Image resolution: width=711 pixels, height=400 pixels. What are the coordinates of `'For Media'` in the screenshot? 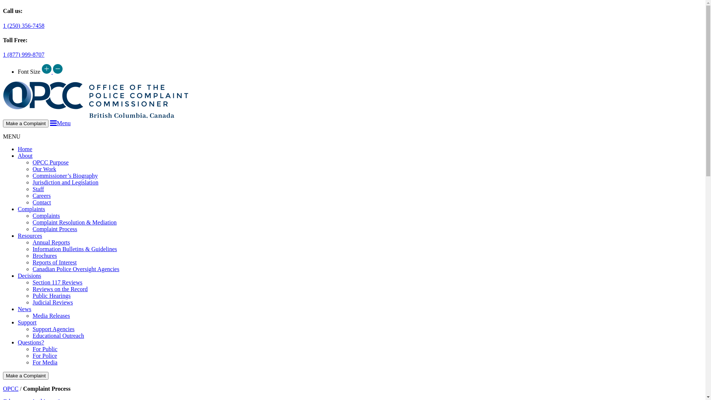 It's located at (44, 362).